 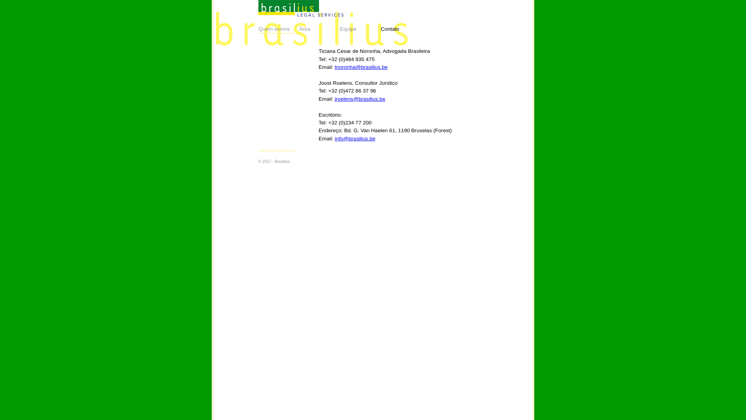 I want to click on 'Equipe', so click(x=360, y=28).